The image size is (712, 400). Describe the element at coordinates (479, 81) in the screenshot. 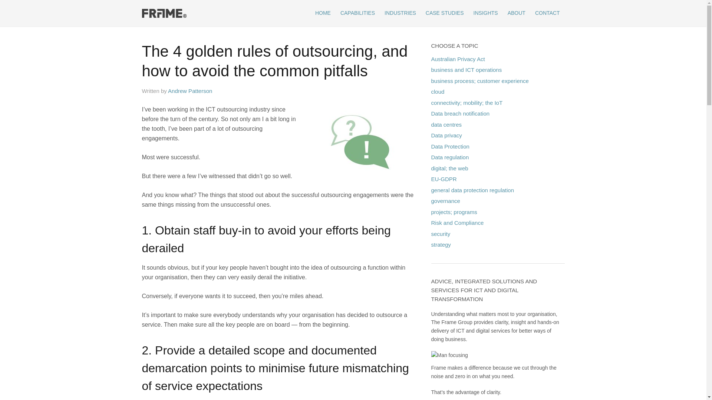

I see `'business process; customer experience'` at that location.